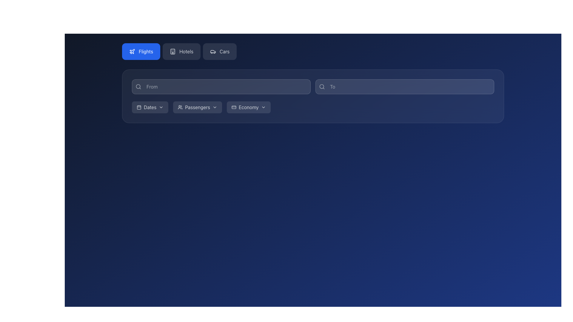  Describe the element at coordinates (141, 51) in the screenshot. I see `the 'Flights' button, a rectangular button with rounded corners, blue background, white text, and an airplane icon on the left` at that location.